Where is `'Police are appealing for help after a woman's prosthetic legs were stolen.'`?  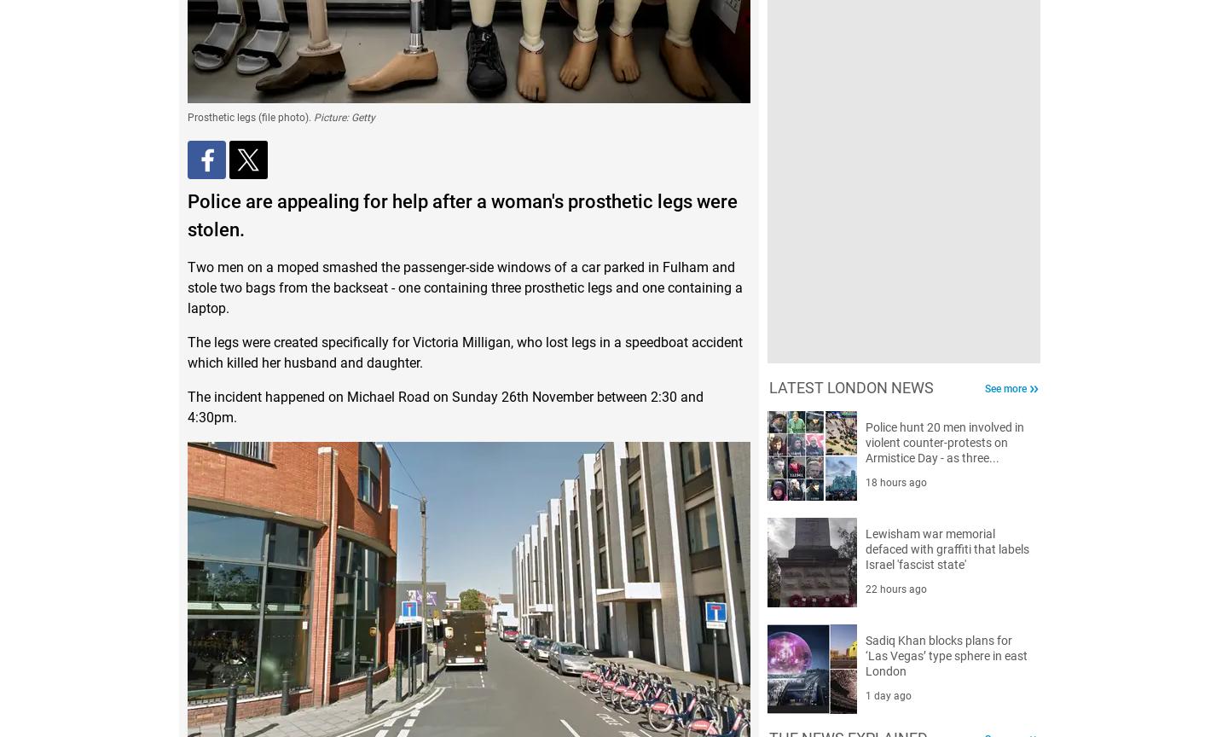
'Police are appealing for help after a woman's prosthetic legs were stolen.' is located at coordinates (462, 215).